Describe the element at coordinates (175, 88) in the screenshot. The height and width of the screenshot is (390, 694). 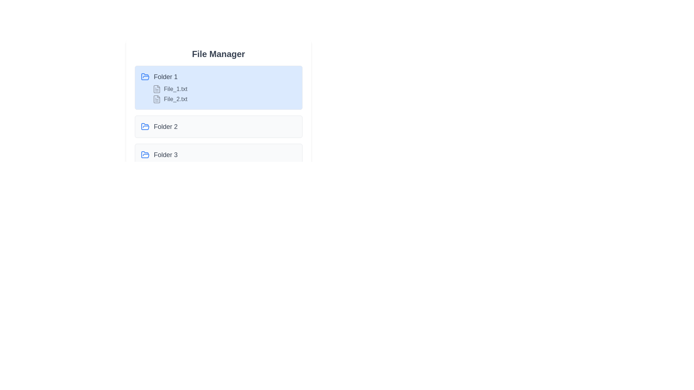
I see `the text label representing a file name located in 'Folder 1', positioned to the right of the file icon` at that location.